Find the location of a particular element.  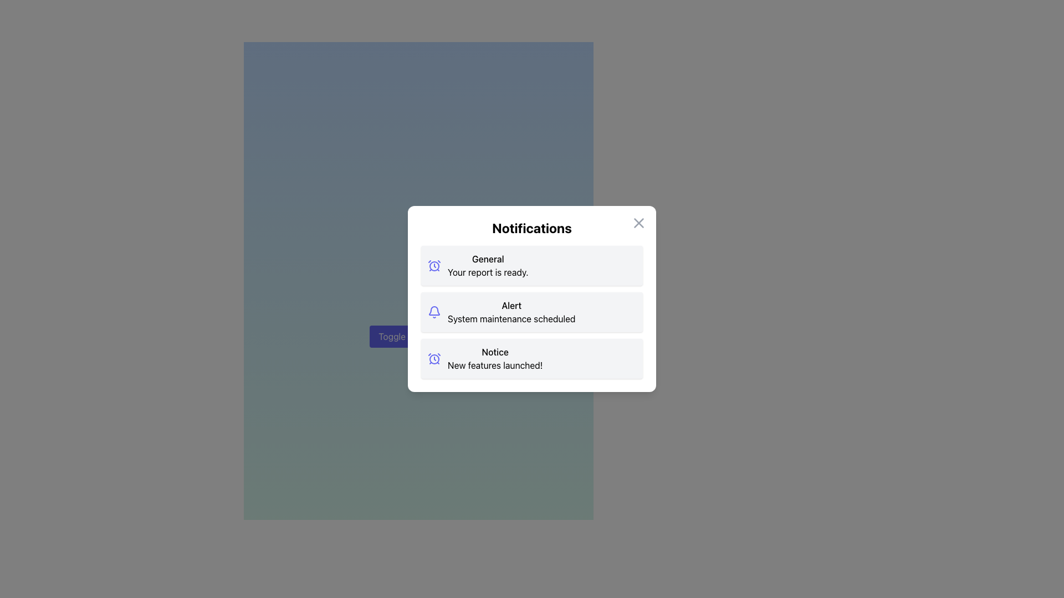

the indigo bell-shaped icon indicating notifications, which is positioned to the left of the text 'Alert System maintenance scheduled.' is located at coordinates (433, 312).